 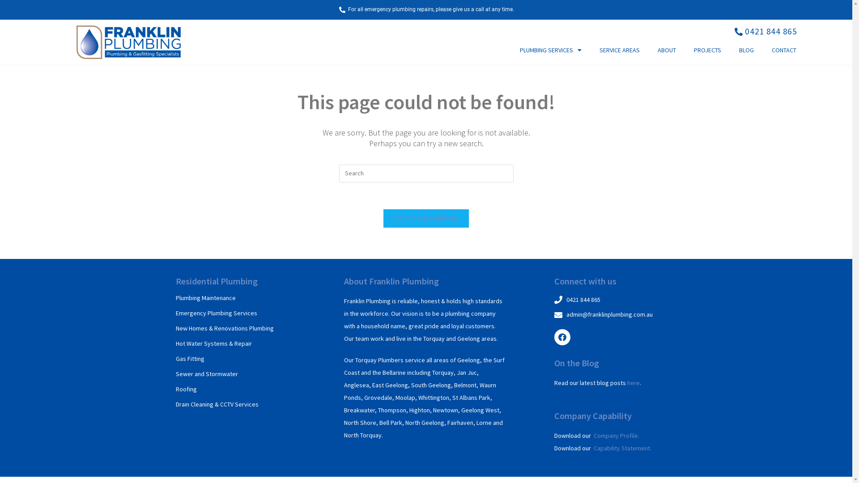 I want to click on 'BACK TO HOMEPAGE', so click(x=383, y=218).